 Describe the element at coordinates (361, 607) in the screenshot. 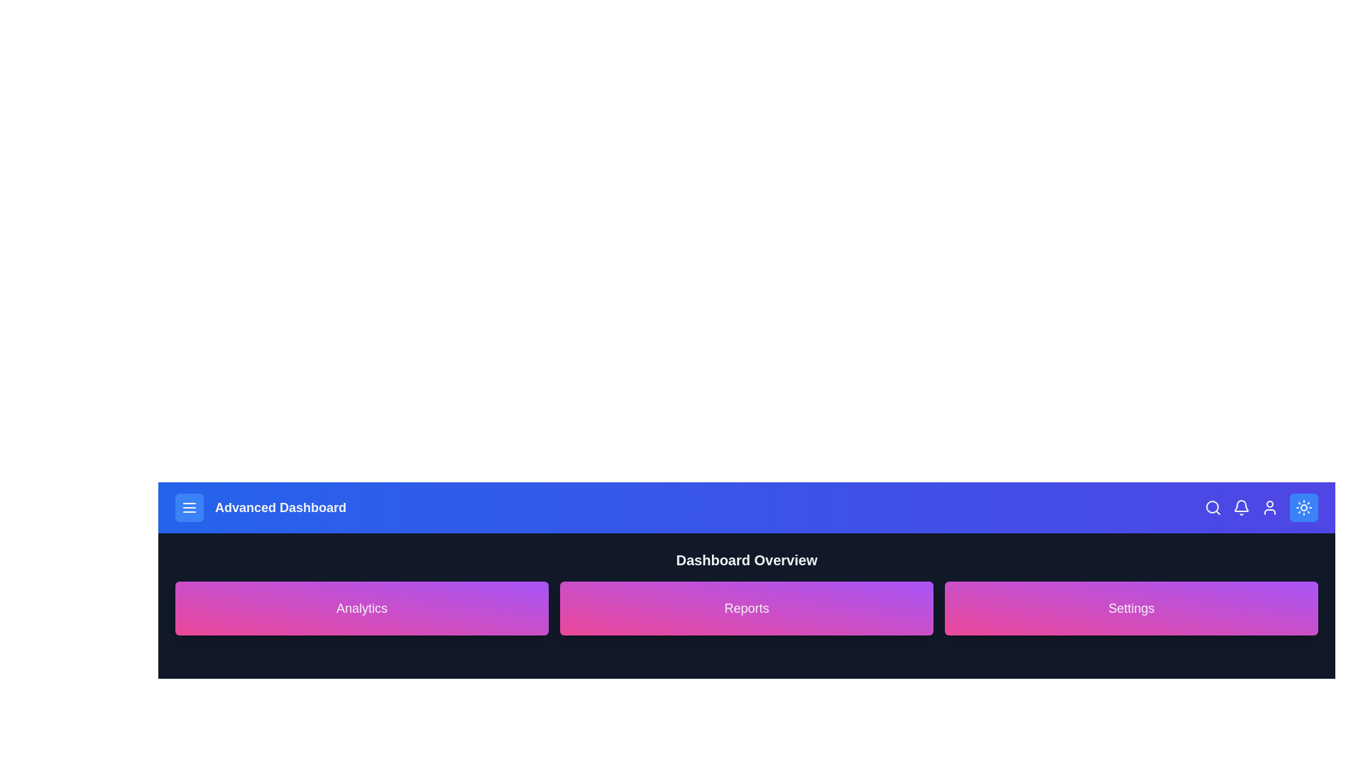

I see `the Analytics card to interact with it` at that location.